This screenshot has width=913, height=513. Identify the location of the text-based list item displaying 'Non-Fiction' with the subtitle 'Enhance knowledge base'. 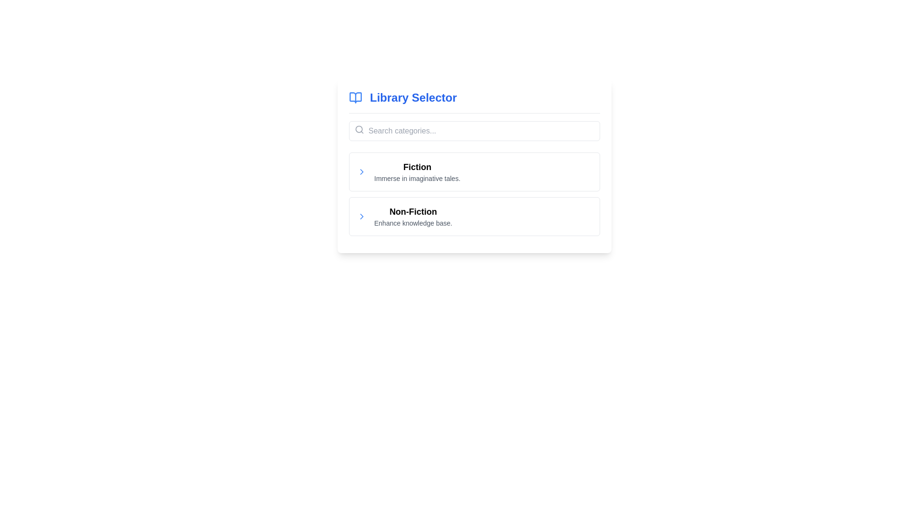
(413, 216).